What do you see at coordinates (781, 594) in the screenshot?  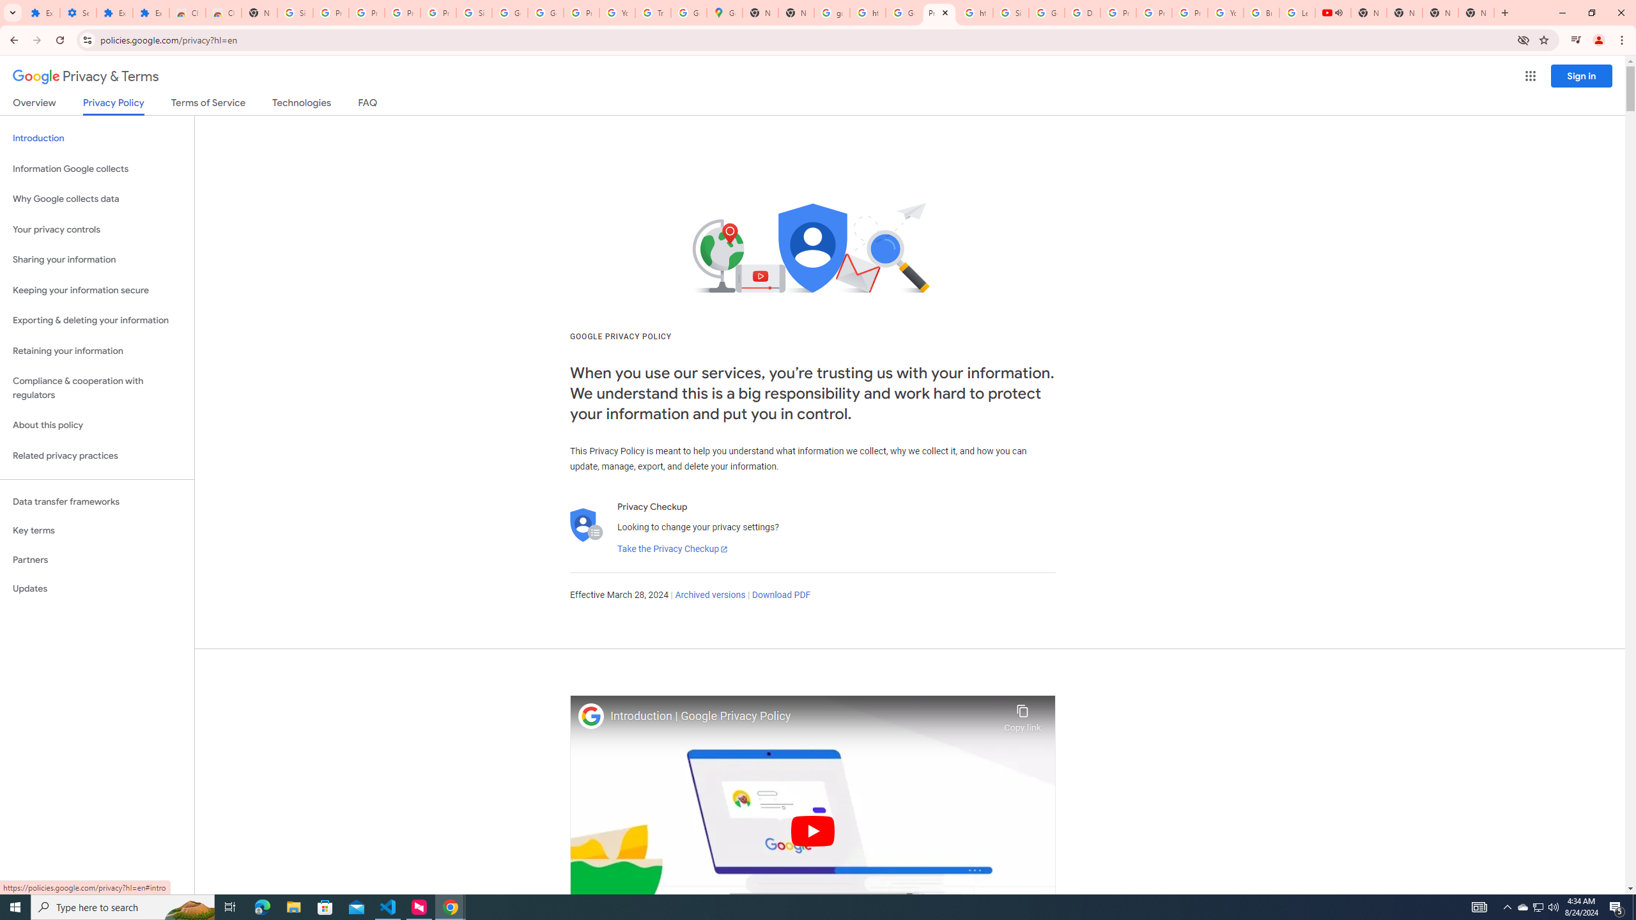 I see `'Download PDF'` at bounding box center [781, 594].